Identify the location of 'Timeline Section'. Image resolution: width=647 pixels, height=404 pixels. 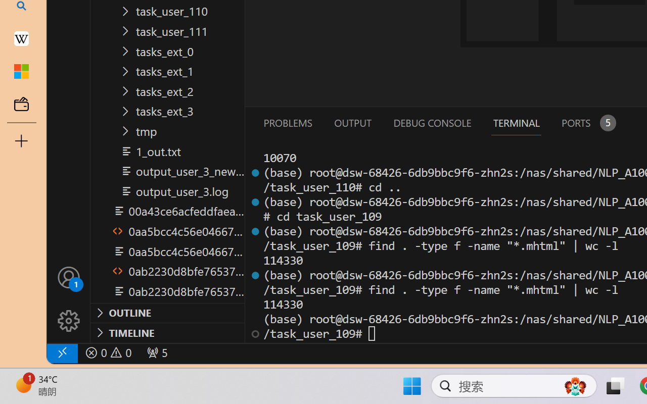
(167, 332).